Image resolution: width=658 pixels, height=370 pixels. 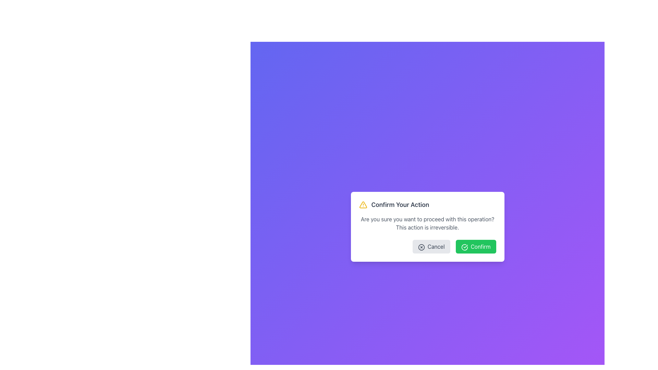 What do you see at coordinates (421, 247) in the screenshot?
I see `the circular icon with a light outline and a cross (X) inside, which is located inside the 'Cancel' button, aligned to its left side` at bounding box center [421, 247].